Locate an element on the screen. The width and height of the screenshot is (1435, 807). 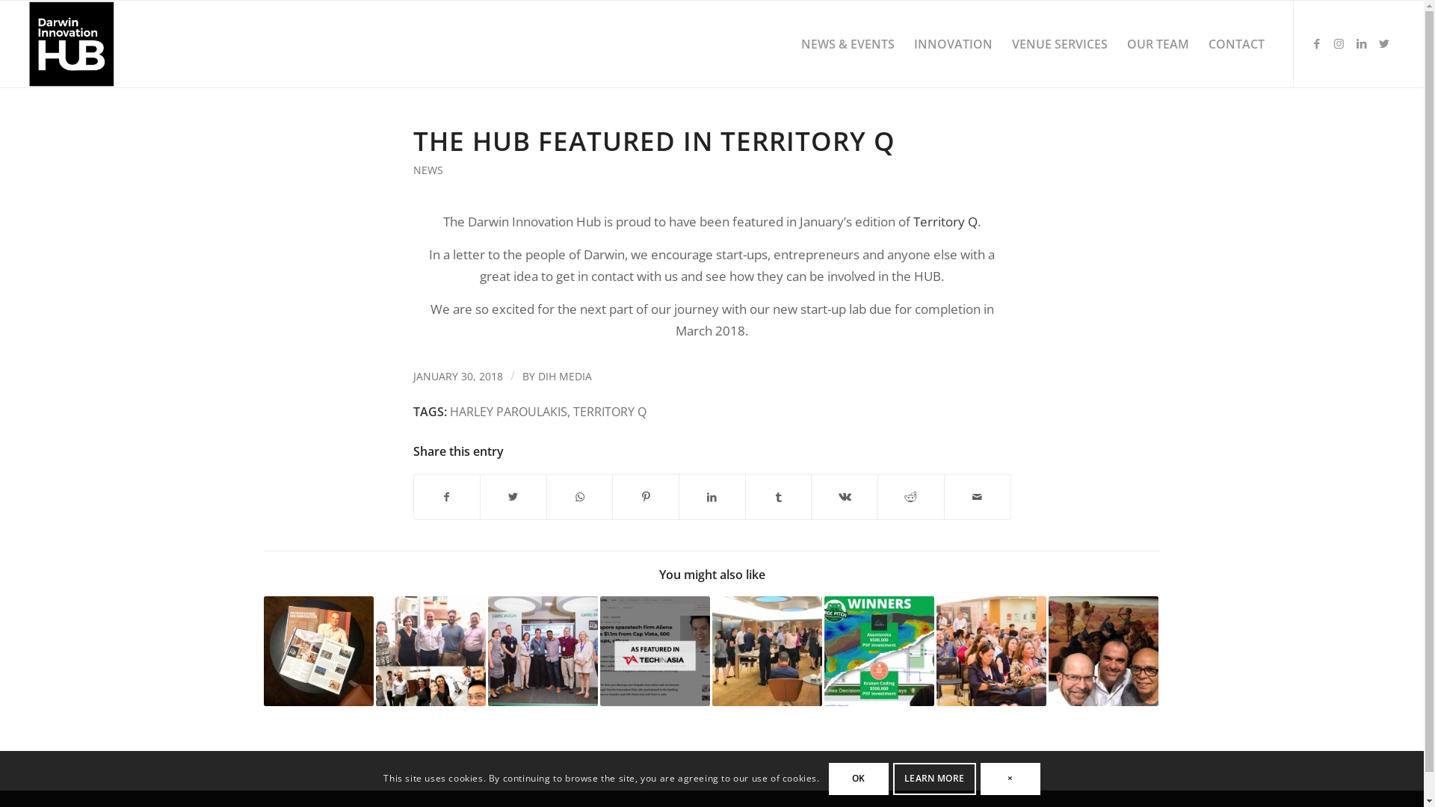
'OK' is located at coordinates (858, 777).